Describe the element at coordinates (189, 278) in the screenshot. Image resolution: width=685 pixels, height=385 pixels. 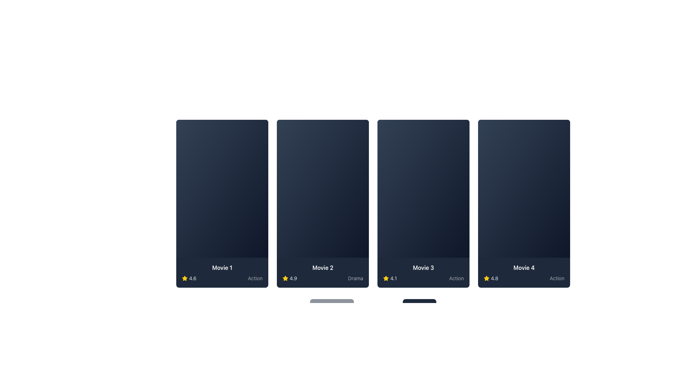
I see `the visually displayed rating consisting of a yellow filled star icon and the score text '4.6' located at the bottom left section of the first card from the left` at that location.